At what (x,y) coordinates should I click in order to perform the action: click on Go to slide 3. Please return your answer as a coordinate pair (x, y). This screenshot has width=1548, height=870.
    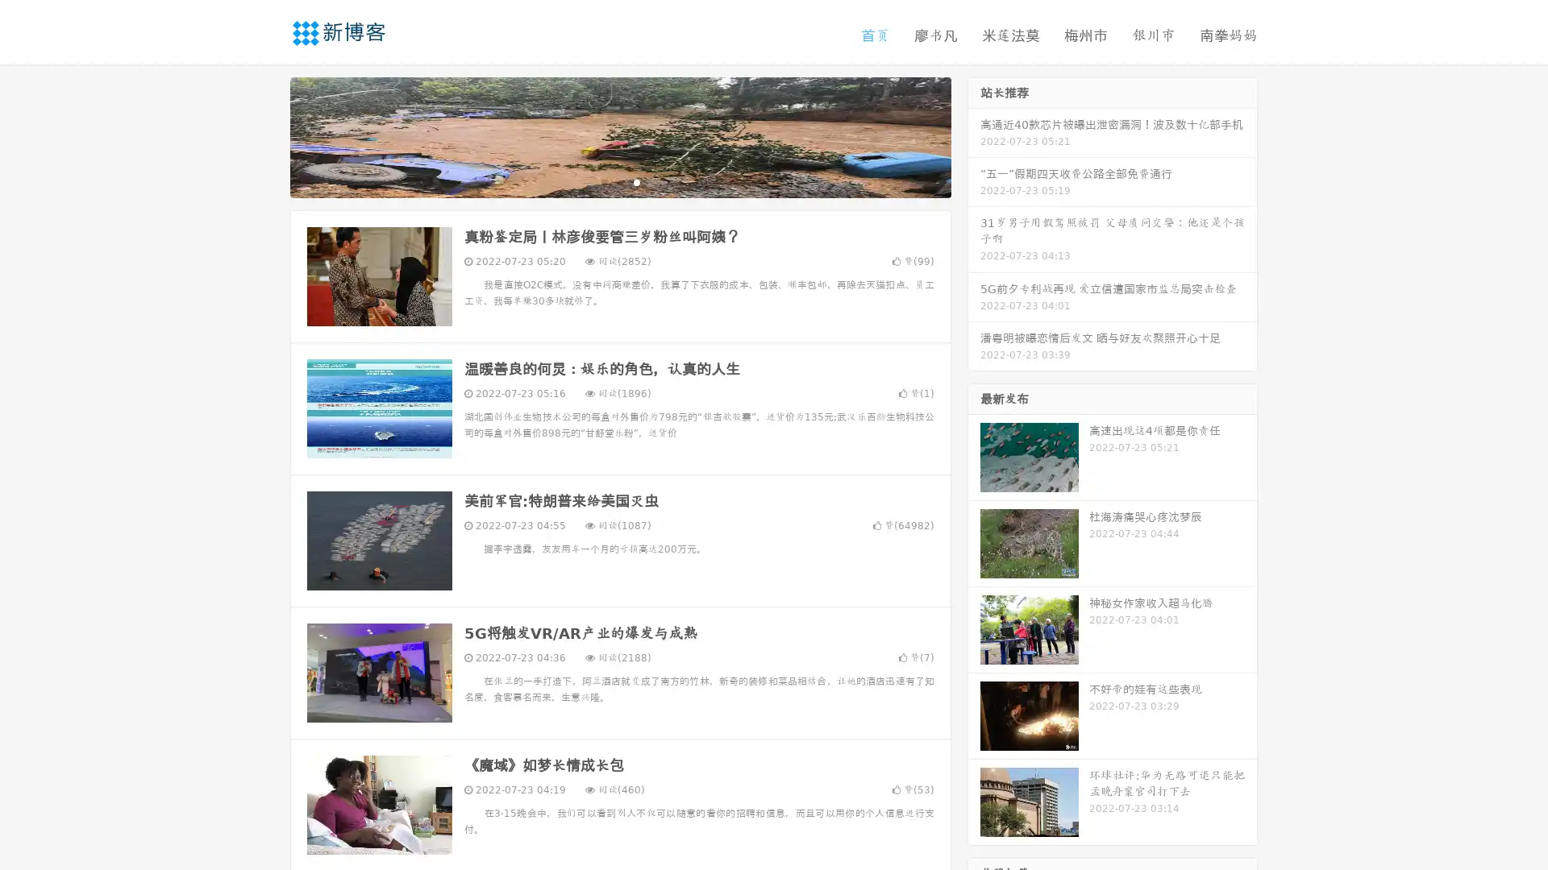
    Looking at the image, I should click on (636, 181).